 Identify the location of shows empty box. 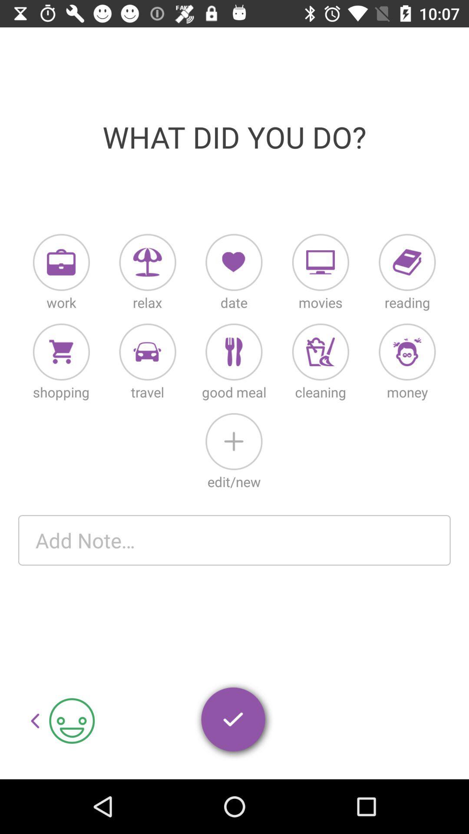
(234, 539).